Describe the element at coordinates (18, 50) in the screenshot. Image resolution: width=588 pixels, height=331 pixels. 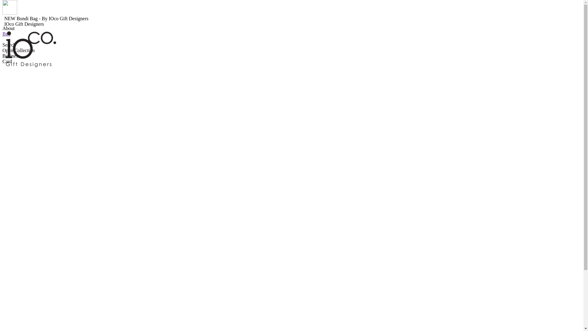
I see `'Open Collection'` at that location.